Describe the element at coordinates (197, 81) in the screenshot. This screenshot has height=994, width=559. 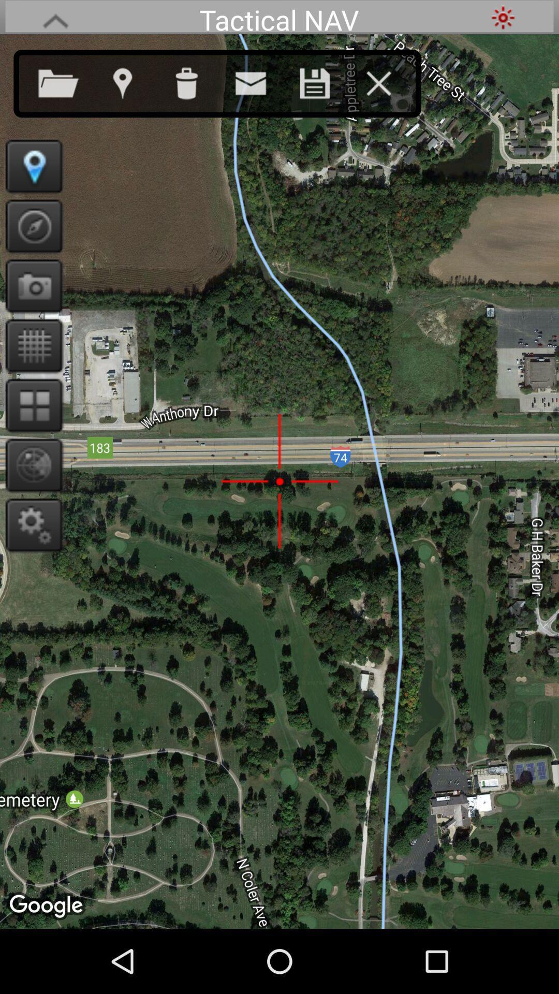
I see `delete point` at that location.